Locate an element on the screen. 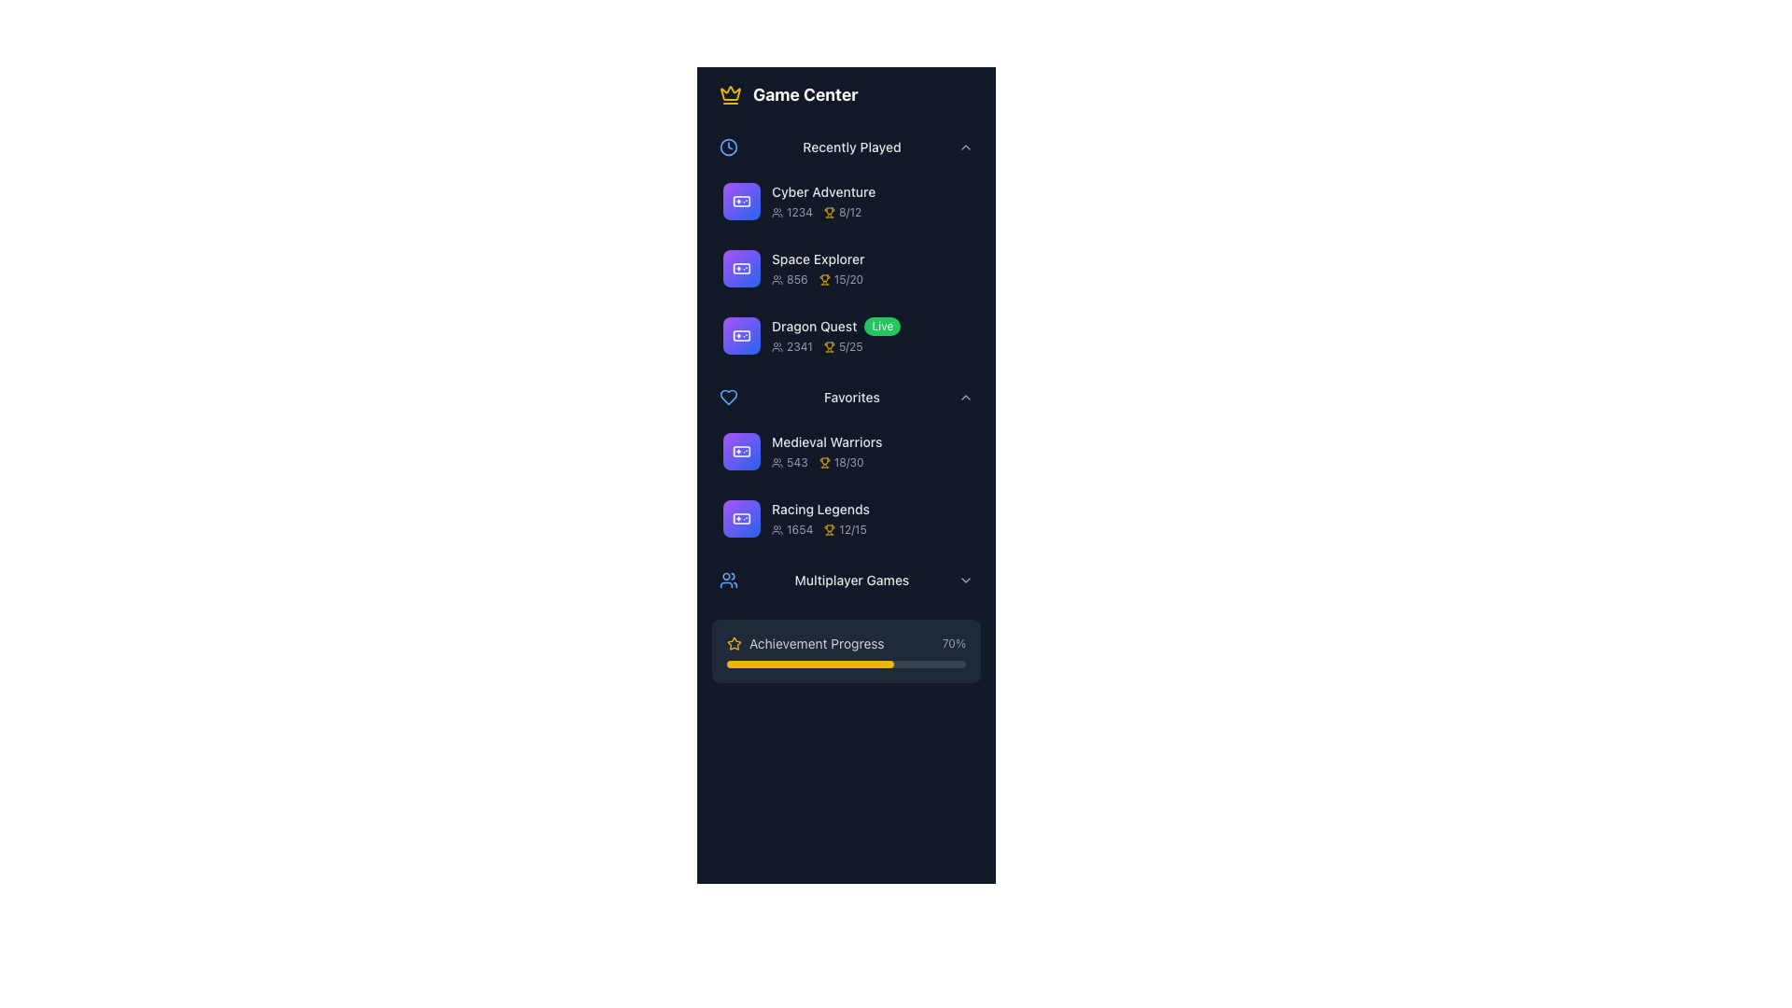 The height and width of the screenshot is (1008, 1792). the List Item labeled 'Dragon Quest', which features a 'Live' badge, user count '2341', and trophy score '5/25', positioned in the 'Recently Played' section is located at coordinates (869, 334).